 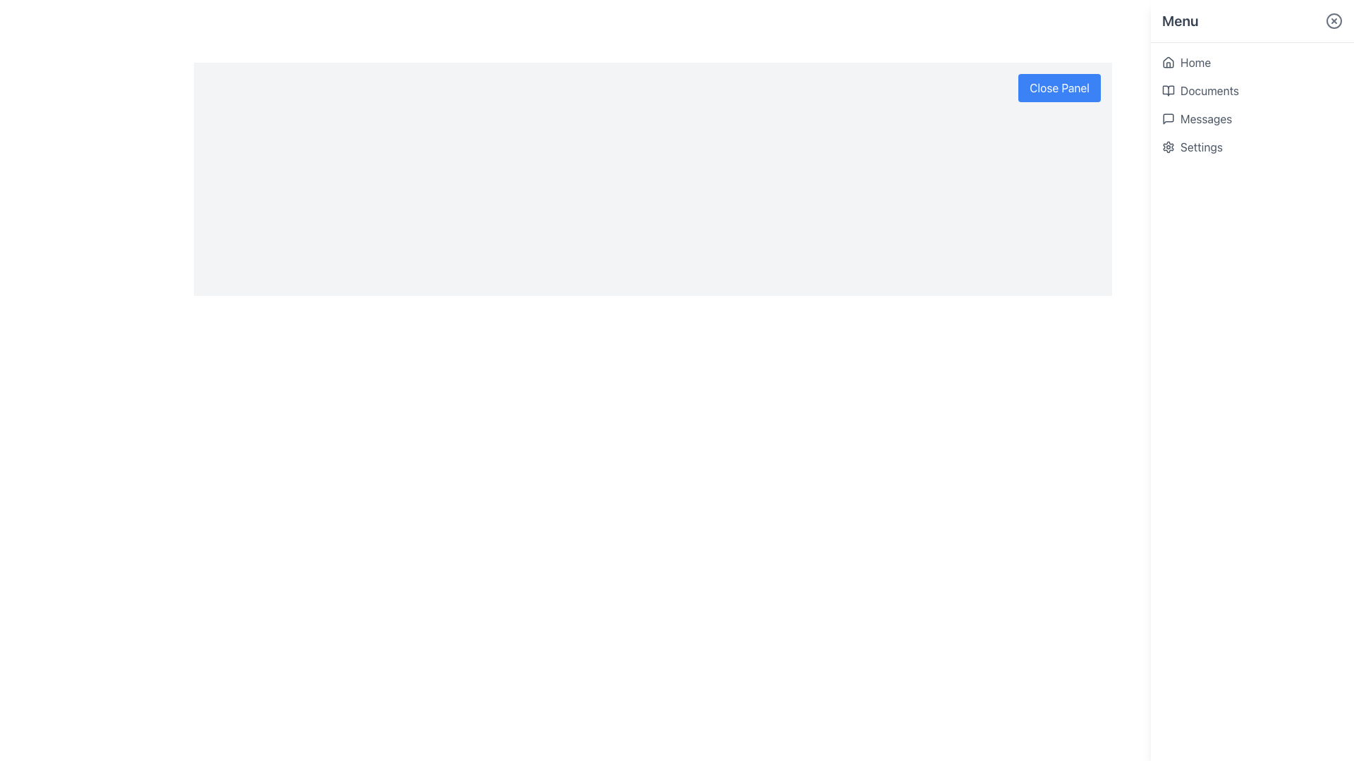 I want to click on the 'Documents' button, which is the second item in the vertical menu under 'Menu', so click(x=1252, y=90).